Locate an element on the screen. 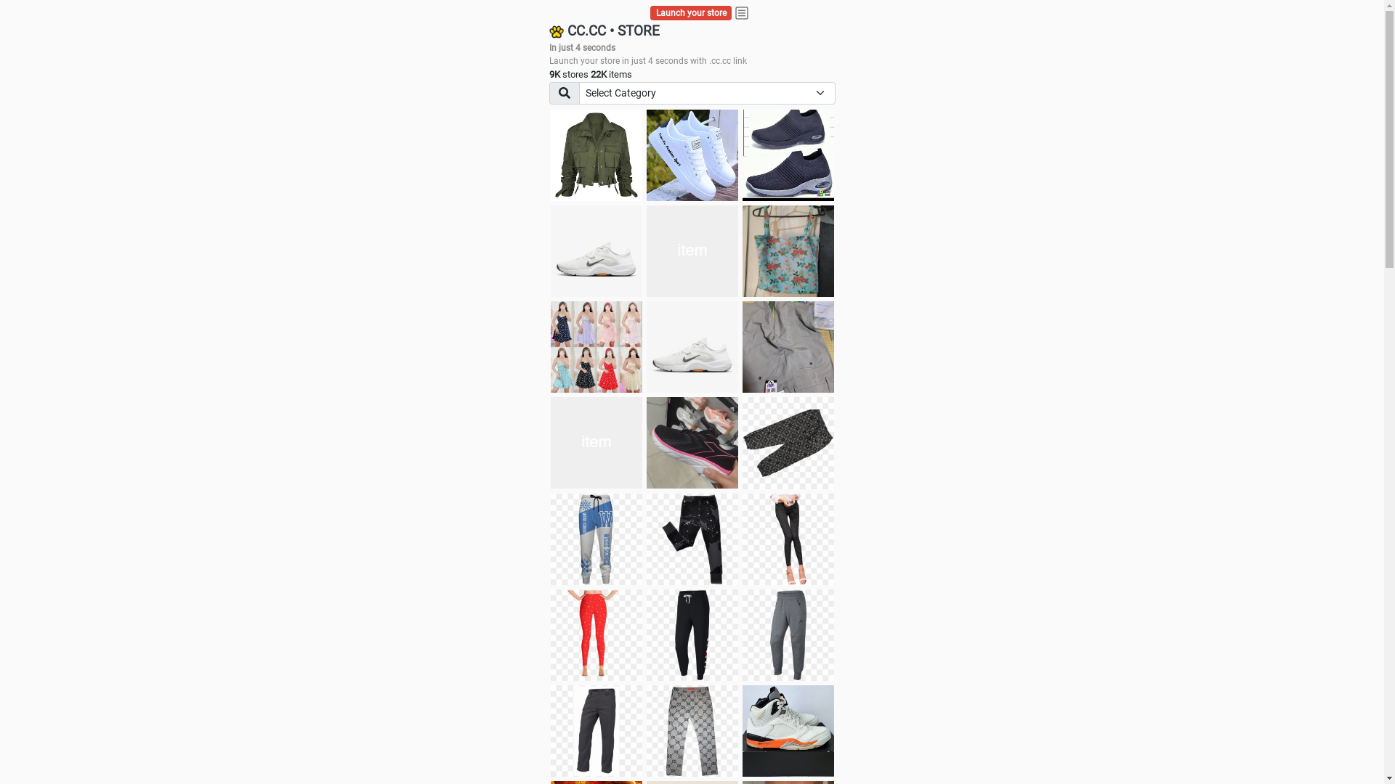  'Pant' is located at coordinates (550, 634).